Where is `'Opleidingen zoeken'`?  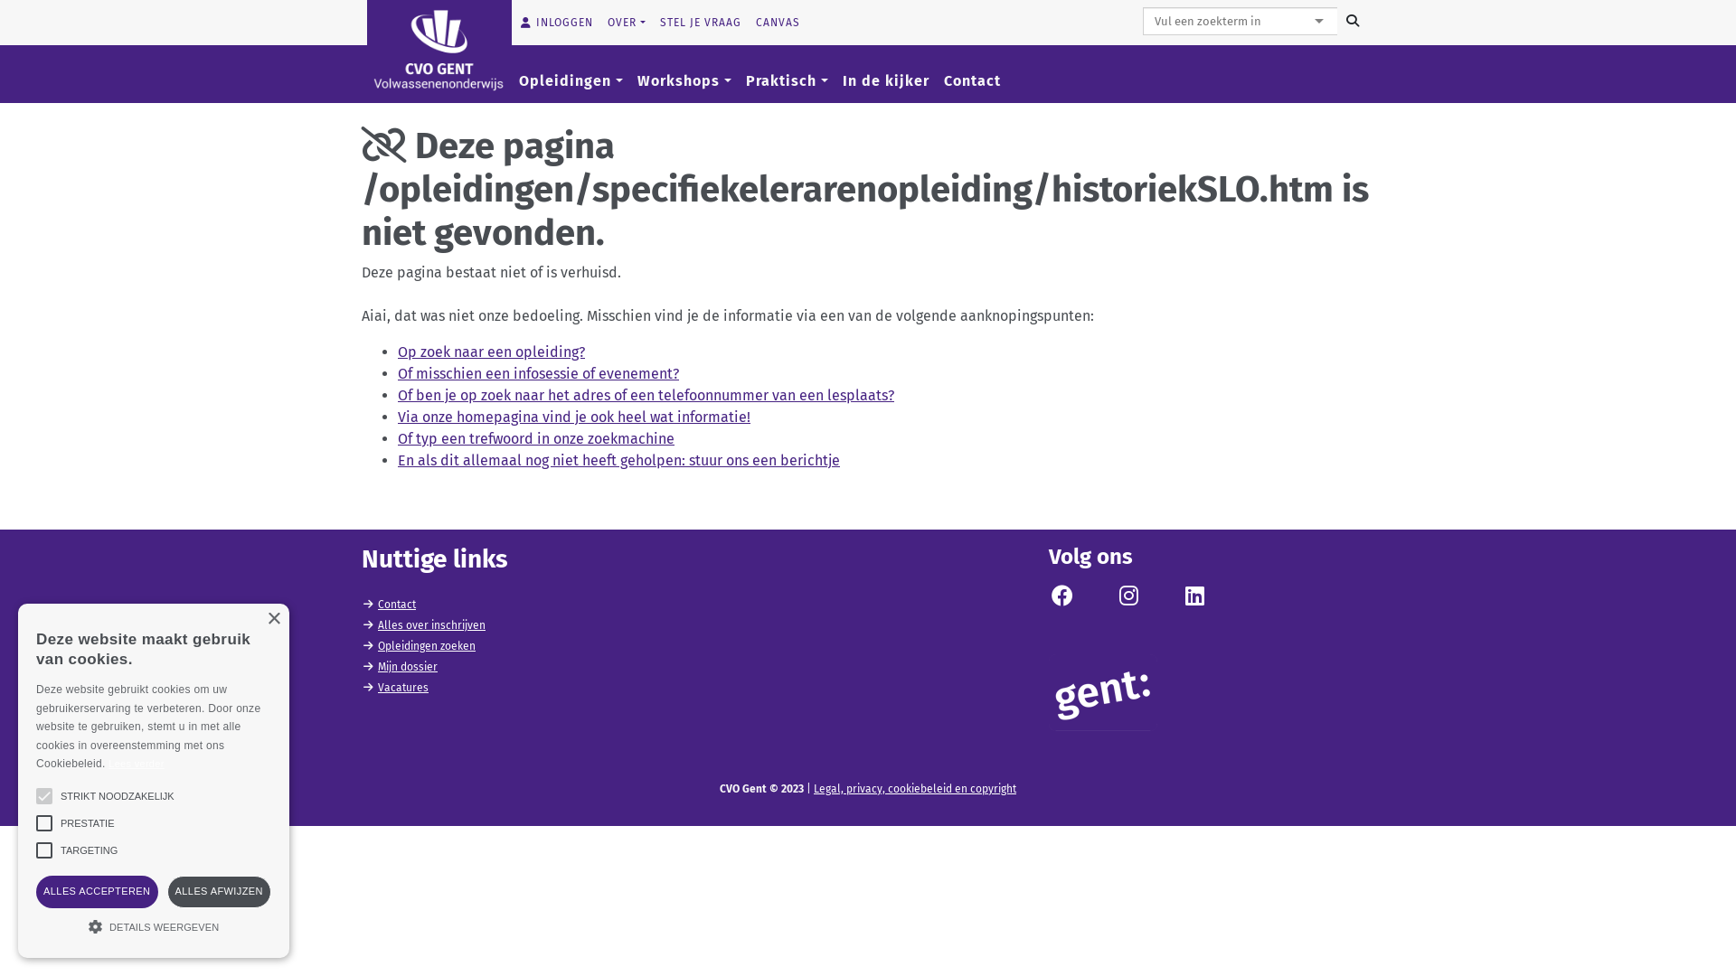 'Opleidingen zoeken' is located at coordinates (425, 644).